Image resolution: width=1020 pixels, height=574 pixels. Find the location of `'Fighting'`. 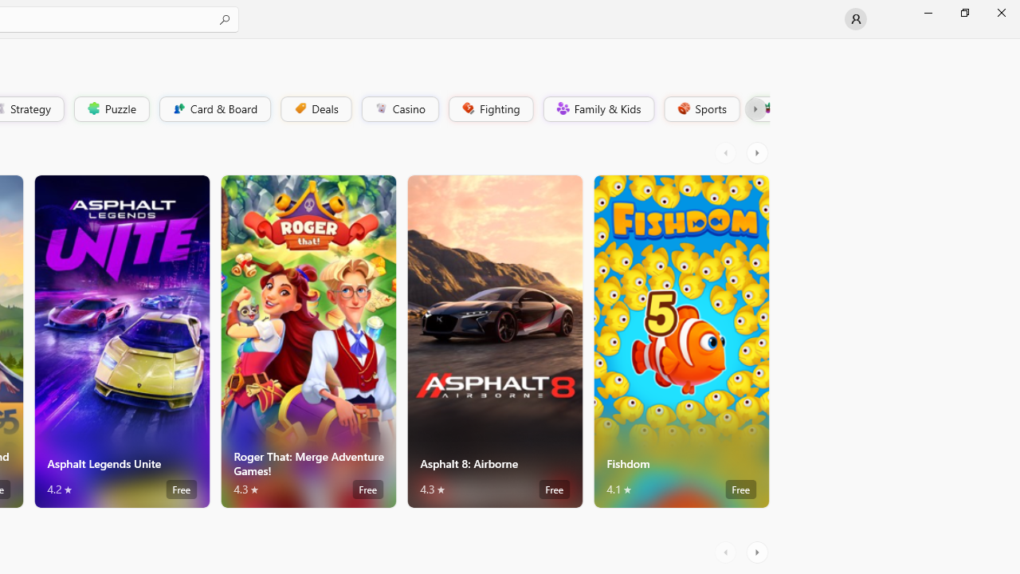

'Fighting' is located at coordinates (489, 108).